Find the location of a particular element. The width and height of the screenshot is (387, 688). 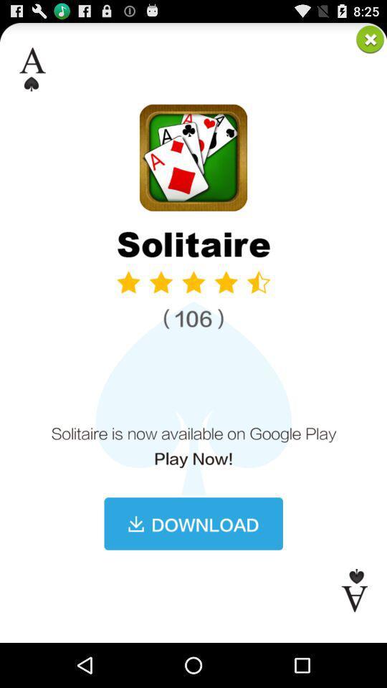

the close icon is located at coordinates (370, 41).